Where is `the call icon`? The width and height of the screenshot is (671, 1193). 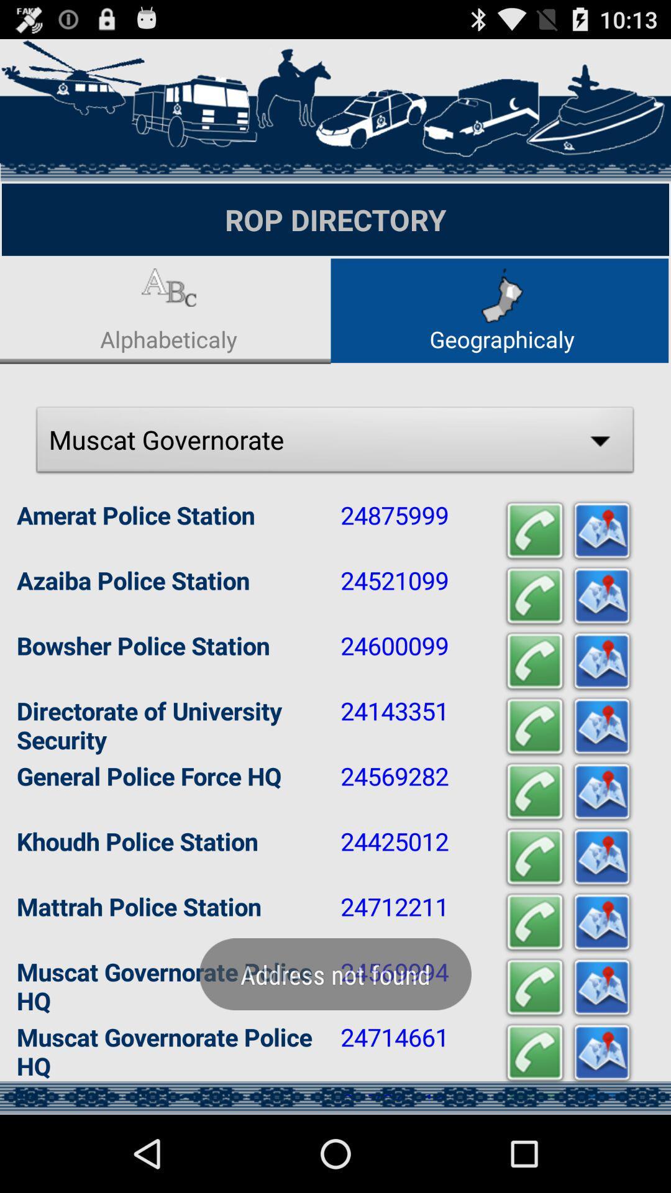 the call icon is located at coordinates (534, 847).